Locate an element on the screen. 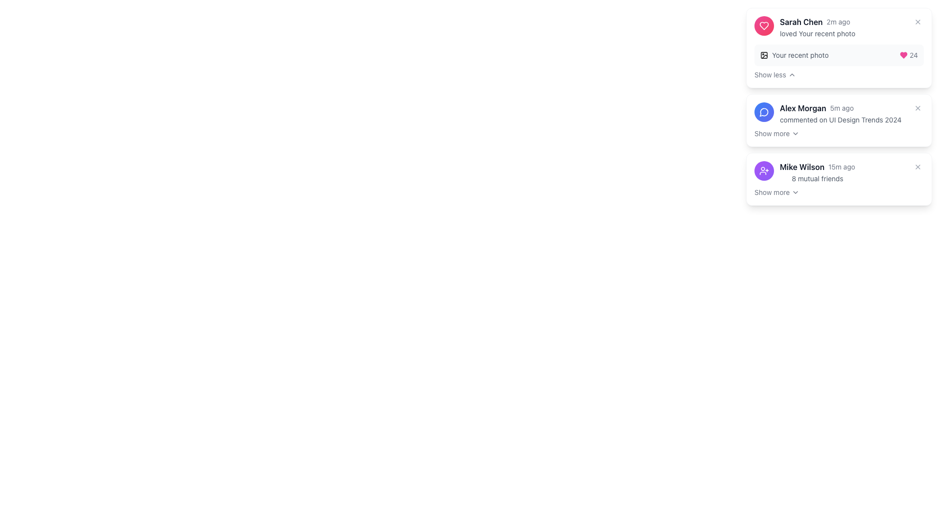  the icon button located at the top-left corner of the notification related to 'Alex Morgan' is located at coordinates (763, 111).